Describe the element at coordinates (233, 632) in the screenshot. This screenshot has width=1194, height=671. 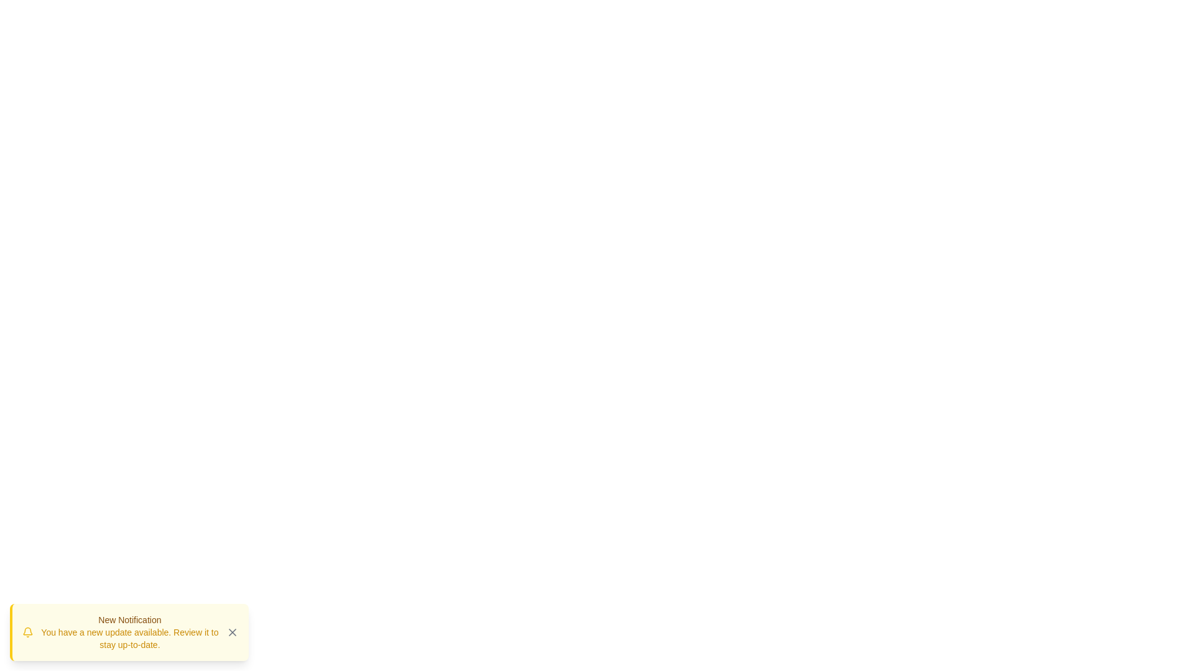
I see `the Close Icon button, which is an 'X' styled with a thin design located in the bottom-left corner of the notification box` at that location.